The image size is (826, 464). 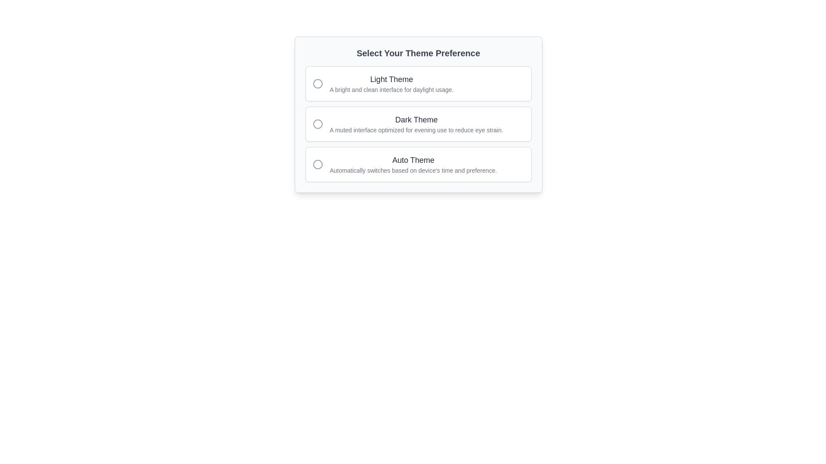 What do you see at coordinates (391, 84) in the screenshot?
I see `the 'Light Theme' text element, which is the first selectable option in the theme selection menu, located to the right of a circular icon` at bounding box center [391, 84].